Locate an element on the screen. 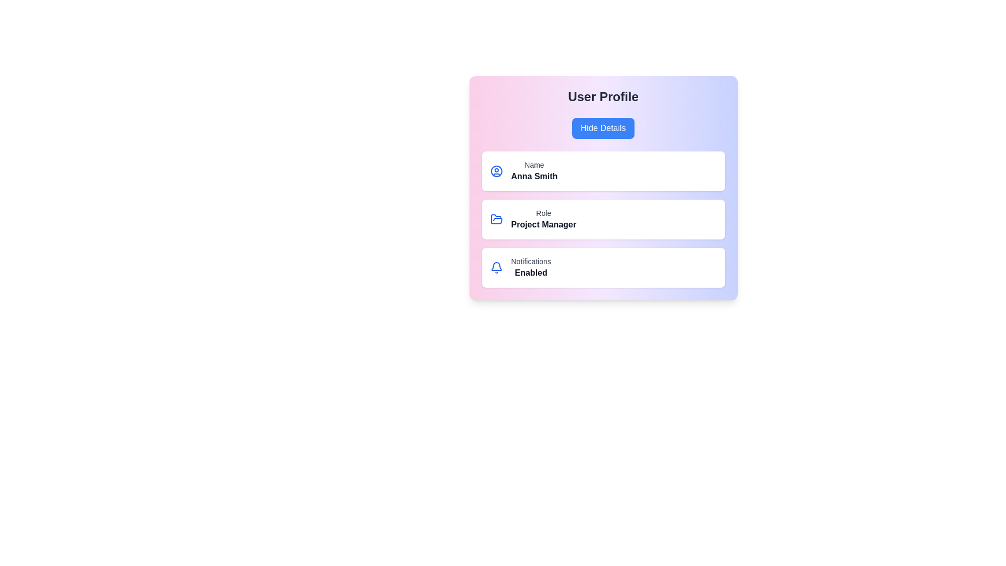 This screenshot has height=566, width=1006. status text label indicating notifications are enabled, located beneath the 'Role: Project Manager' section in the user profile card is located at coordinates (531, 267).